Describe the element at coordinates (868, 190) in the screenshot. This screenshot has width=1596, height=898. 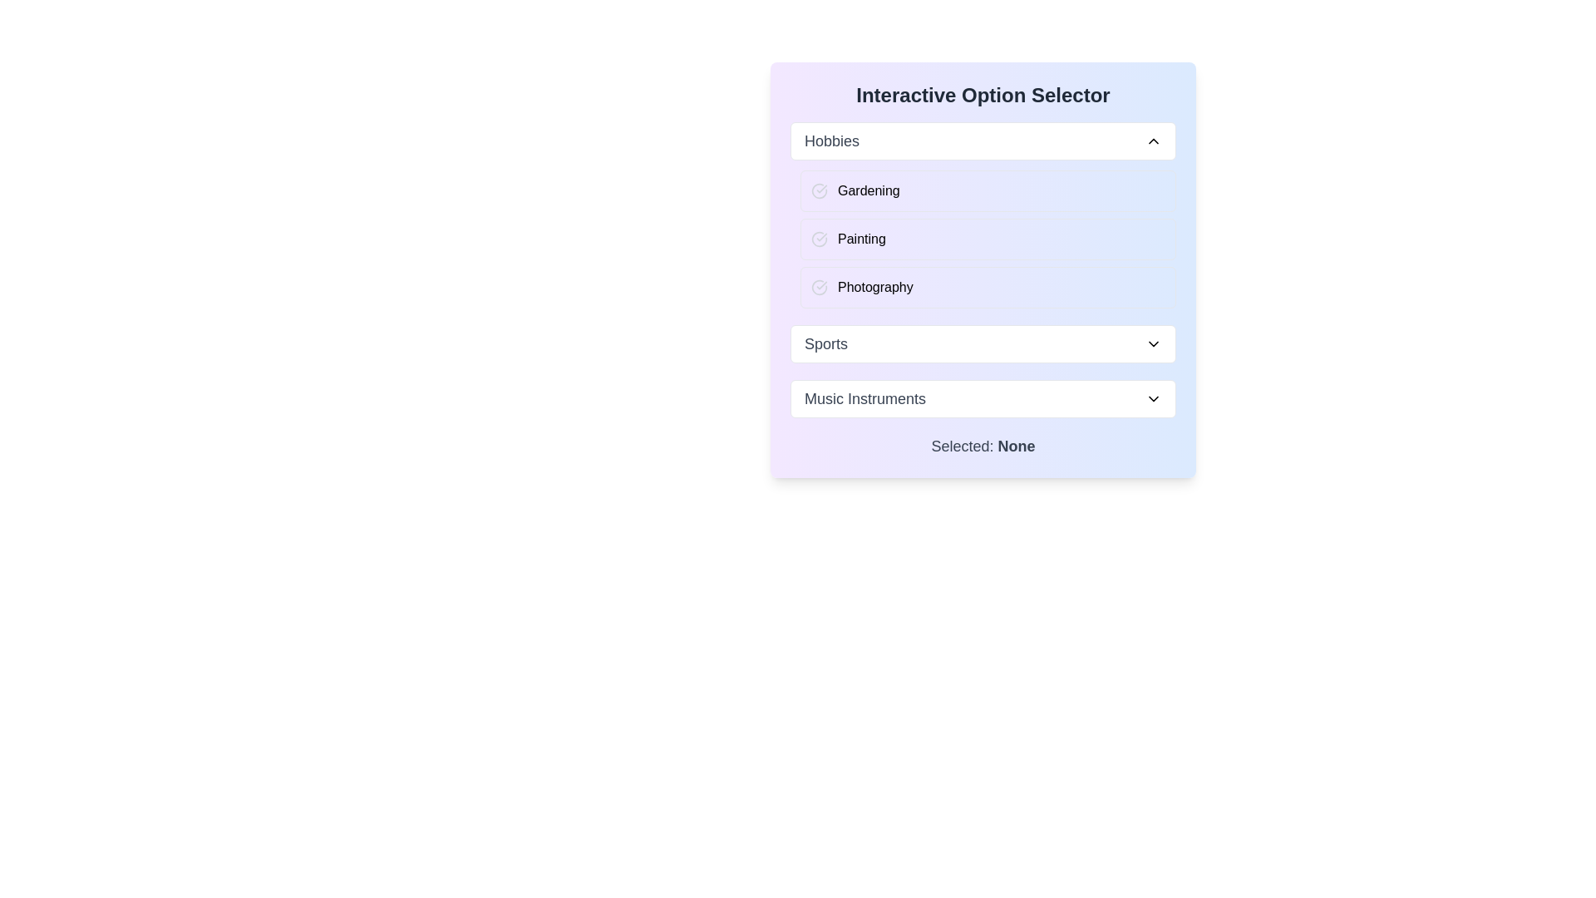
I see `the static text label displaying 'Gardening', which is part of the 'Hobbies' dropdown list and is located to the right of a circular checkmark icon` at that location.